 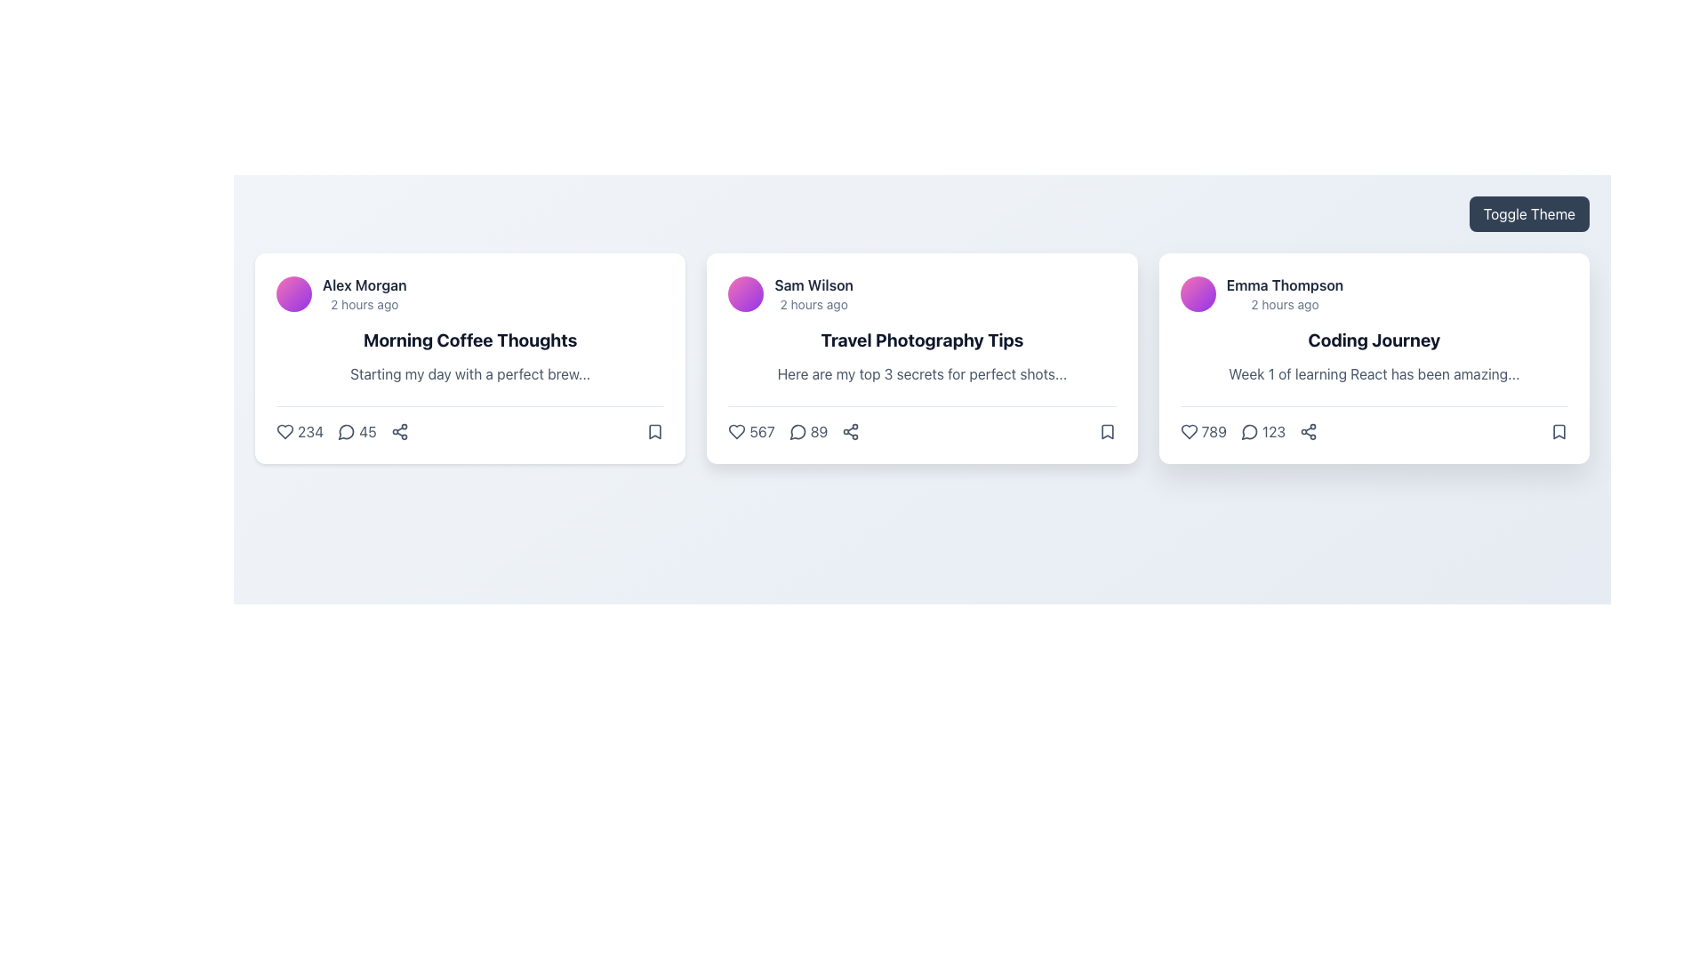 What do you see at coordinates (1198, 293) in the screenshot?
I see `the circular avatar with a gradient from pink to purple, located on the left side of 'Emma Thompson's' name in the card layout` at bounding box center [1198, 293].